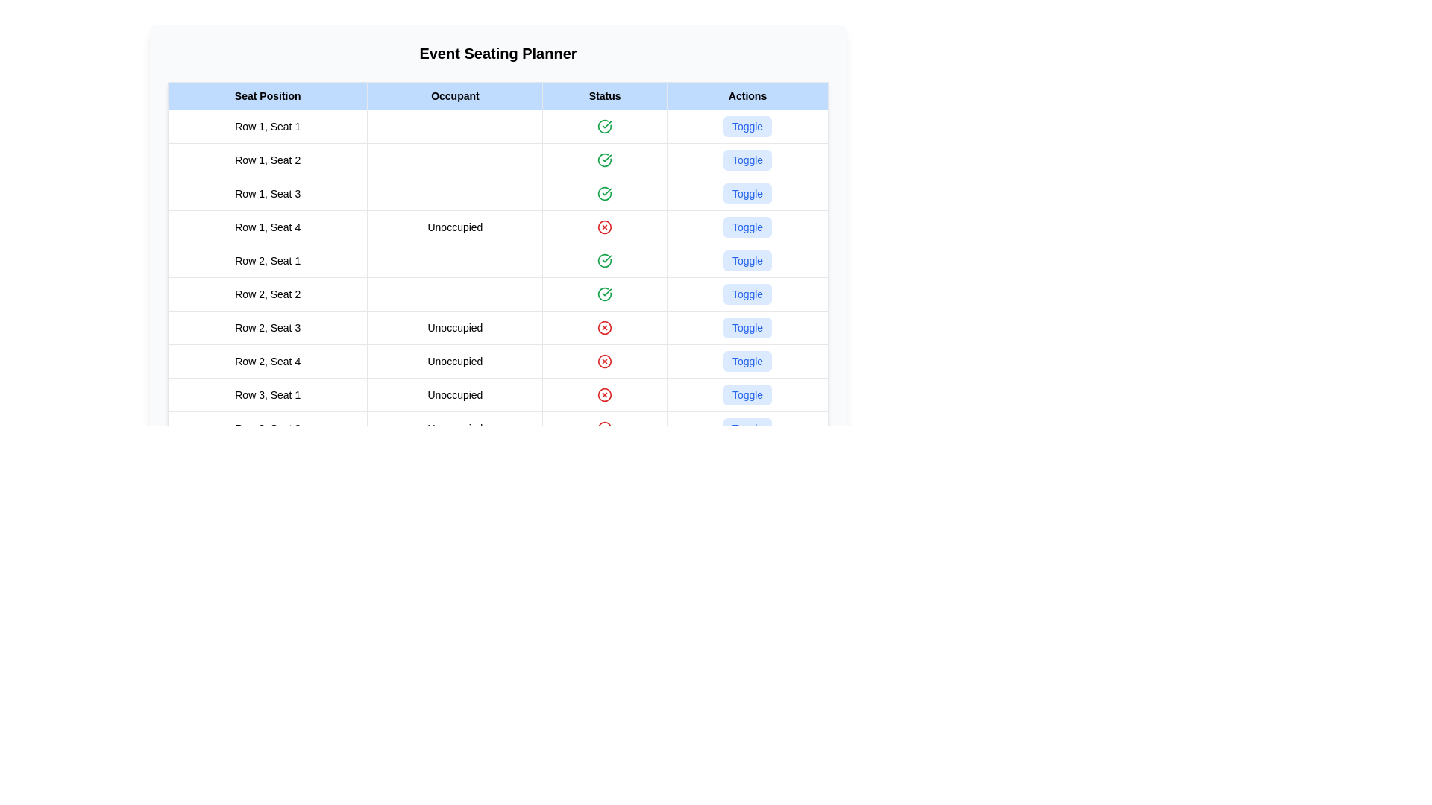 This screenshot has width=1432, height=805. What do you see at coordinates (747, 160) in the screenshot?
I see `the toggle button in the 'Actions' column of the fourth row in the 'Event Seating Planner' table` at bounding box center [747, 160].